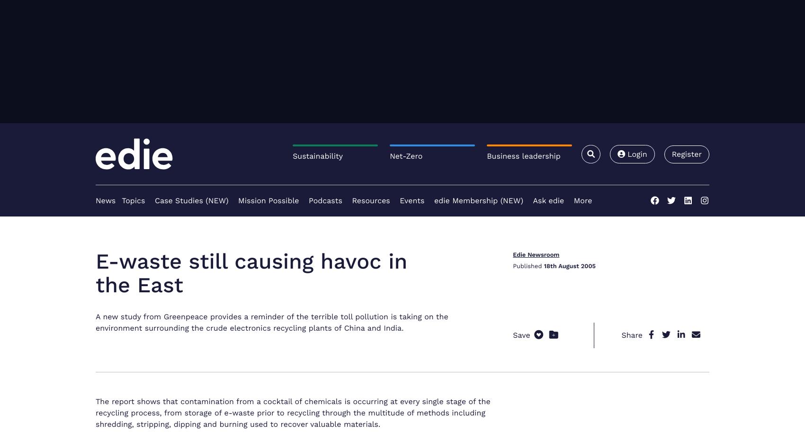 This screenshot has width=805, height=442. I want to click on 'Partner Content', so click(95, 85).